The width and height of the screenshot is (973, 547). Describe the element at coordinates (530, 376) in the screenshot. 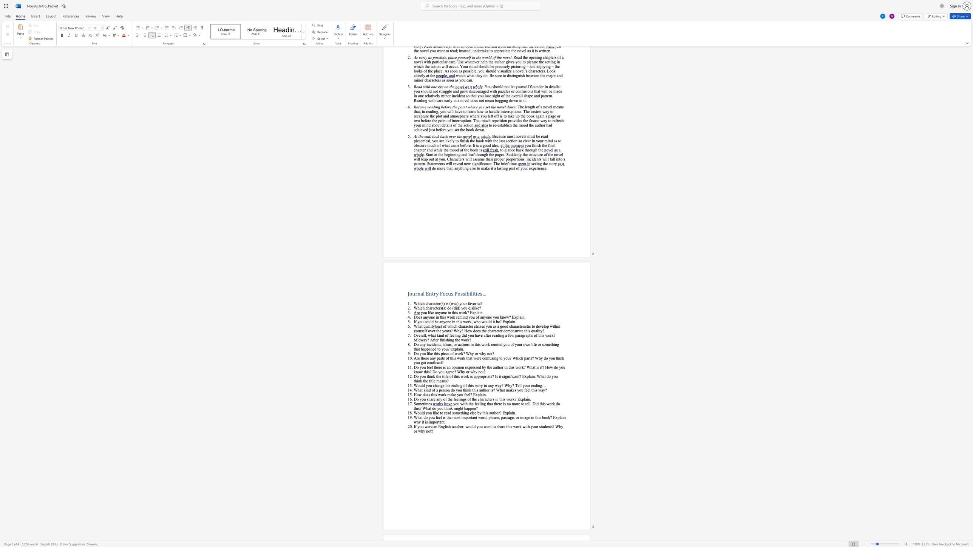

I see `the subset text "ain. W" within the text "? Is it significant? Explain. What do you think the title means?"` at that location.